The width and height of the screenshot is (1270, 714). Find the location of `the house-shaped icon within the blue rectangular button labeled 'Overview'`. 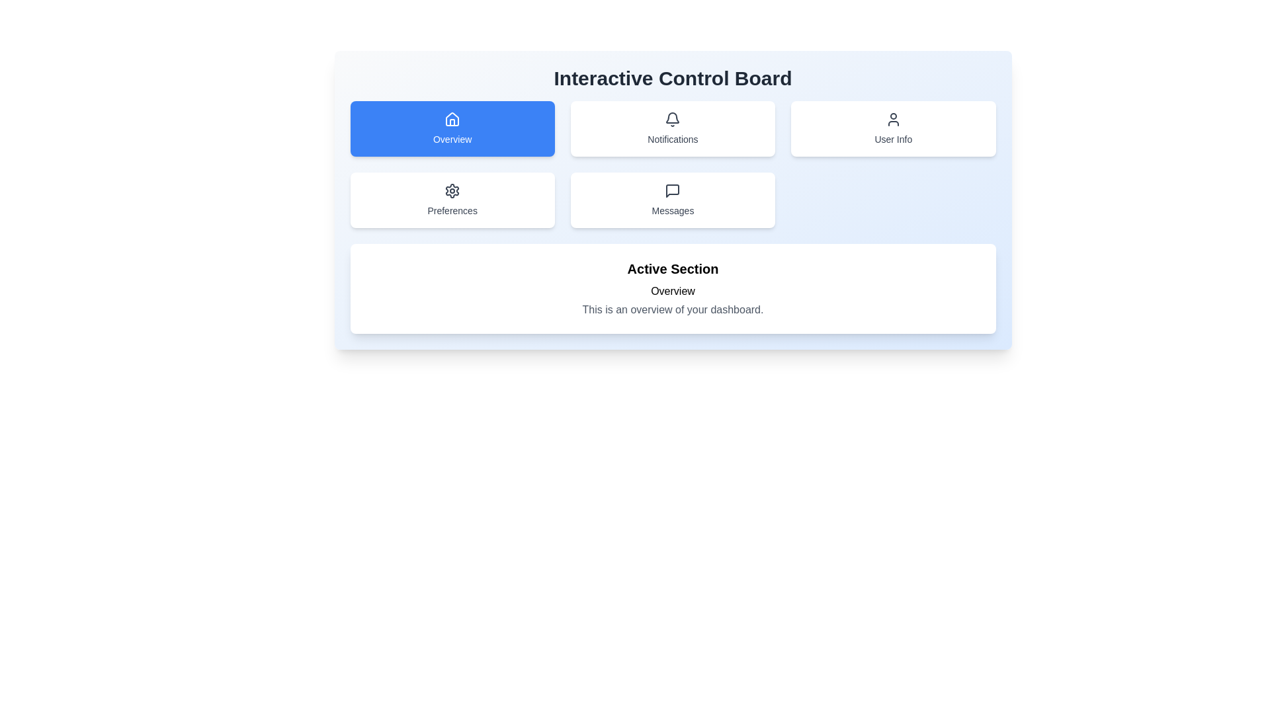

the house-shaped icon within the blue rectangular button labeled 'Overview' is located at coordinates (452, 120).